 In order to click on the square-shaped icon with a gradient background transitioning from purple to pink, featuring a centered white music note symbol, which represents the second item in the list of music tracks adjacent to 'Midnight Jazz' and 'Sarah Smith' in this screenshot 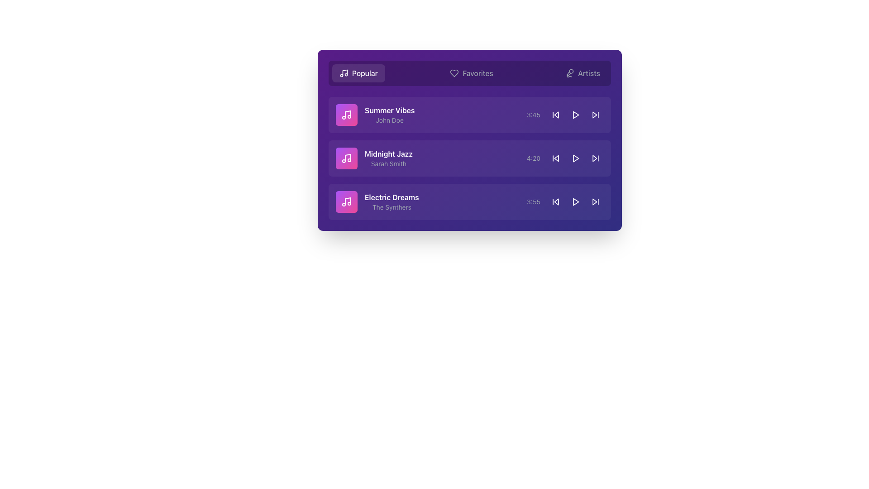, I will do `click(346, 158)`.